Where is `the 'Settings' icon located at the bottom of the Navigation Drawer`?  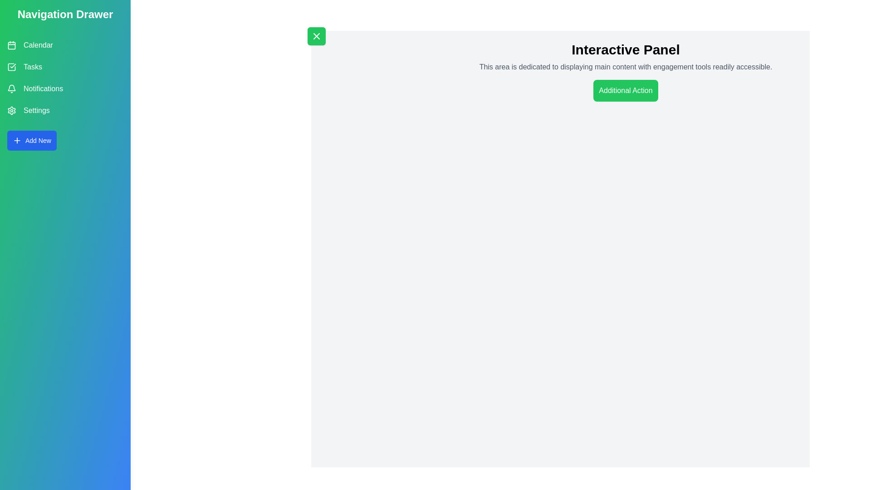 the 'Settings' icon located at the bottom of the Navigation Drawer is located at coordinates (11, 110).